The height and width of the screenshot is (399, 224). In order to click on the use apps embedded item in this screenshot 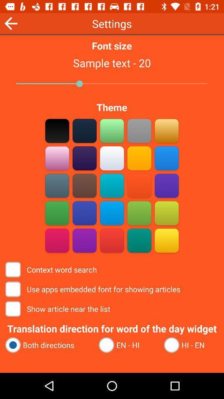, I will do `click(93, 289)`.